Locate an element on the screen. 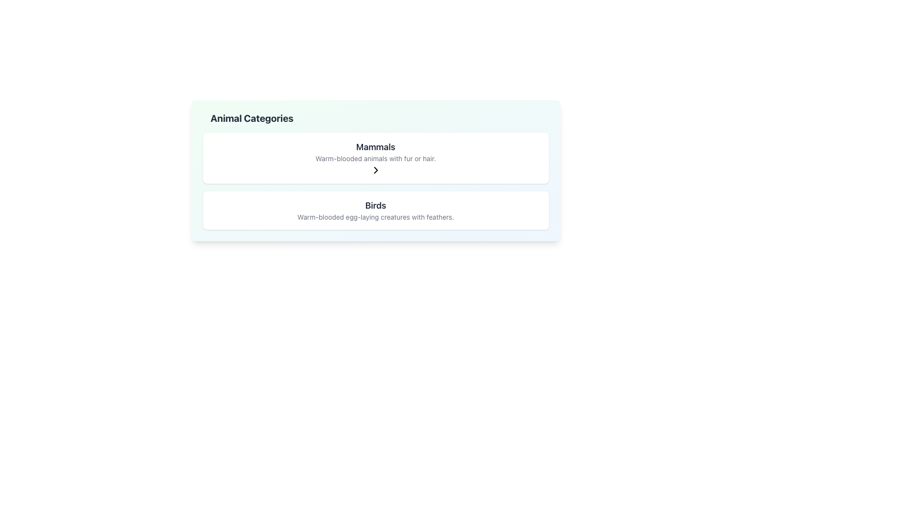 This screenshot has width=922, height=518. the chevron icon that resembles a rightward arrow, located at the top-right corner of the 'Mammals' card in the 'Animal Categories' section is located at coordinates (375, 169).